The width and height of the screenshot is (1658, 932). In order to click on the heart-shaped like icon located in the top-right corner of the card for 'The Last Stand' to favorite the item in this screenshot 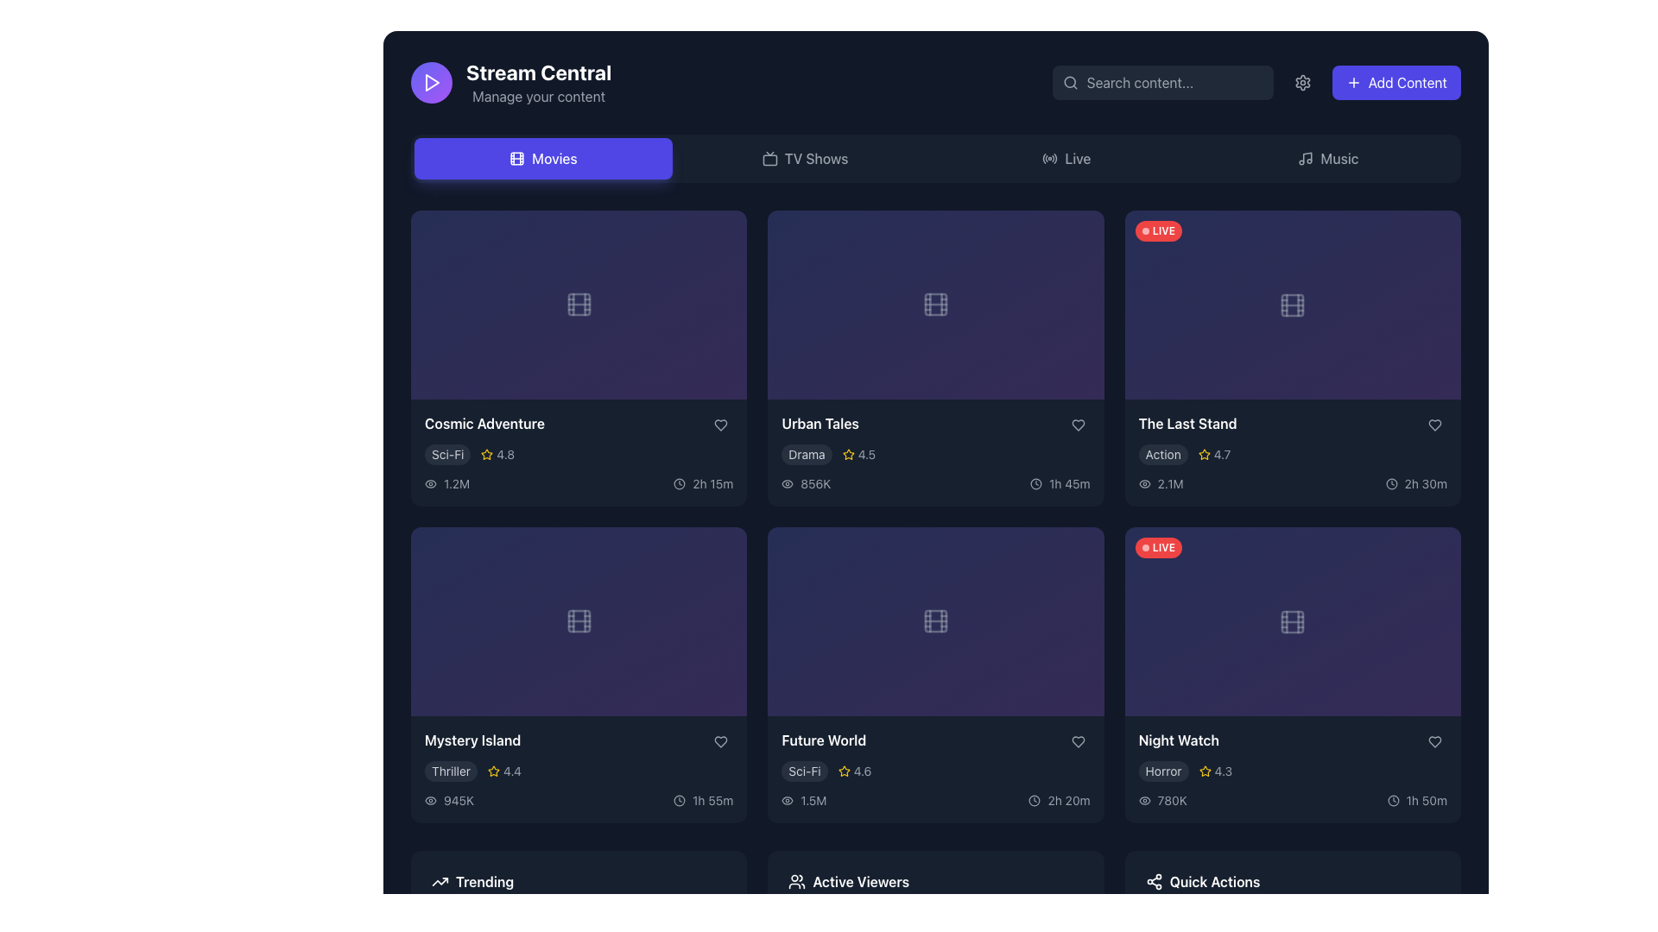, I will do `click(1434, 425)`.